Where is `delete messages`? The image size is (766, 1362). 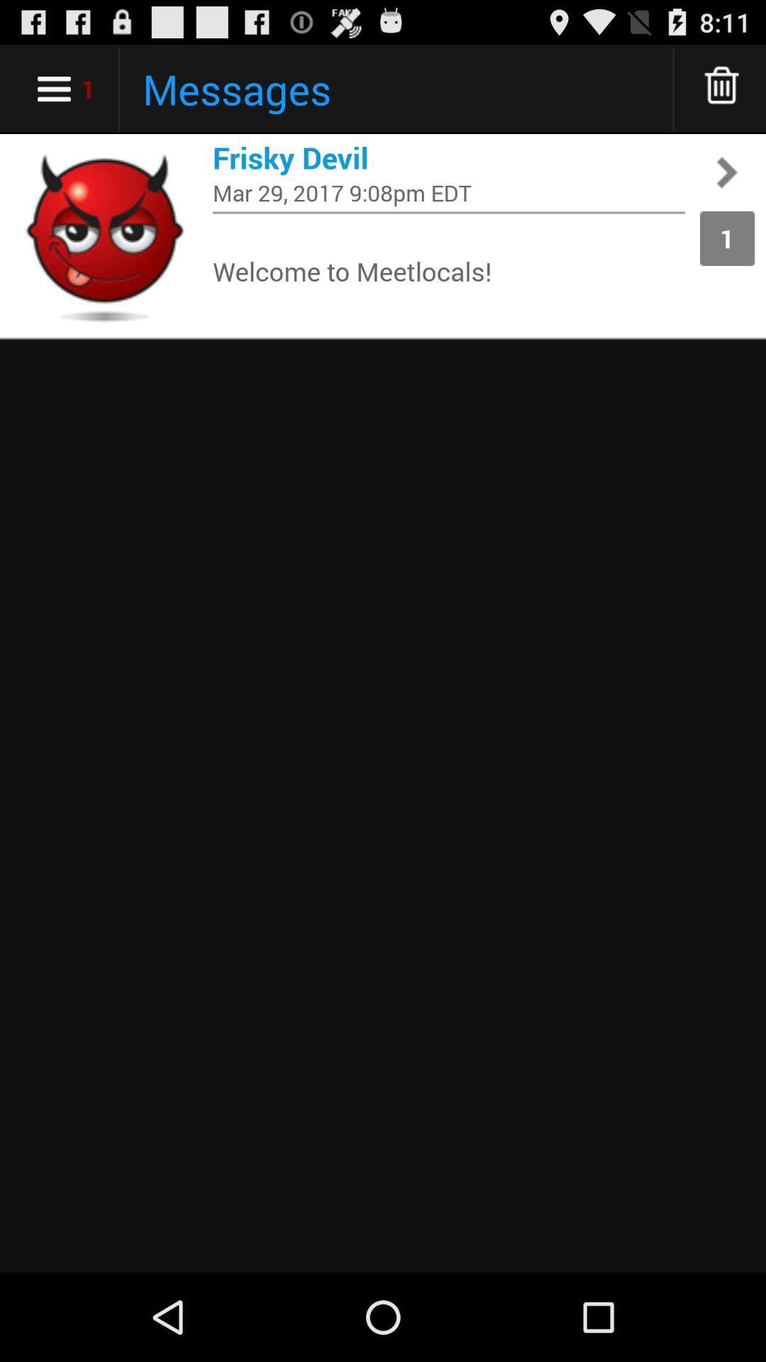 delete messages is located at coordinates (722, 88).